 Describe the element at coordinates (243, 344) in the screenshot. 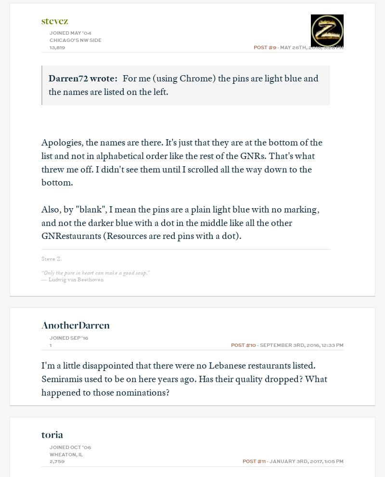

I see `'Post #10'` at that location.